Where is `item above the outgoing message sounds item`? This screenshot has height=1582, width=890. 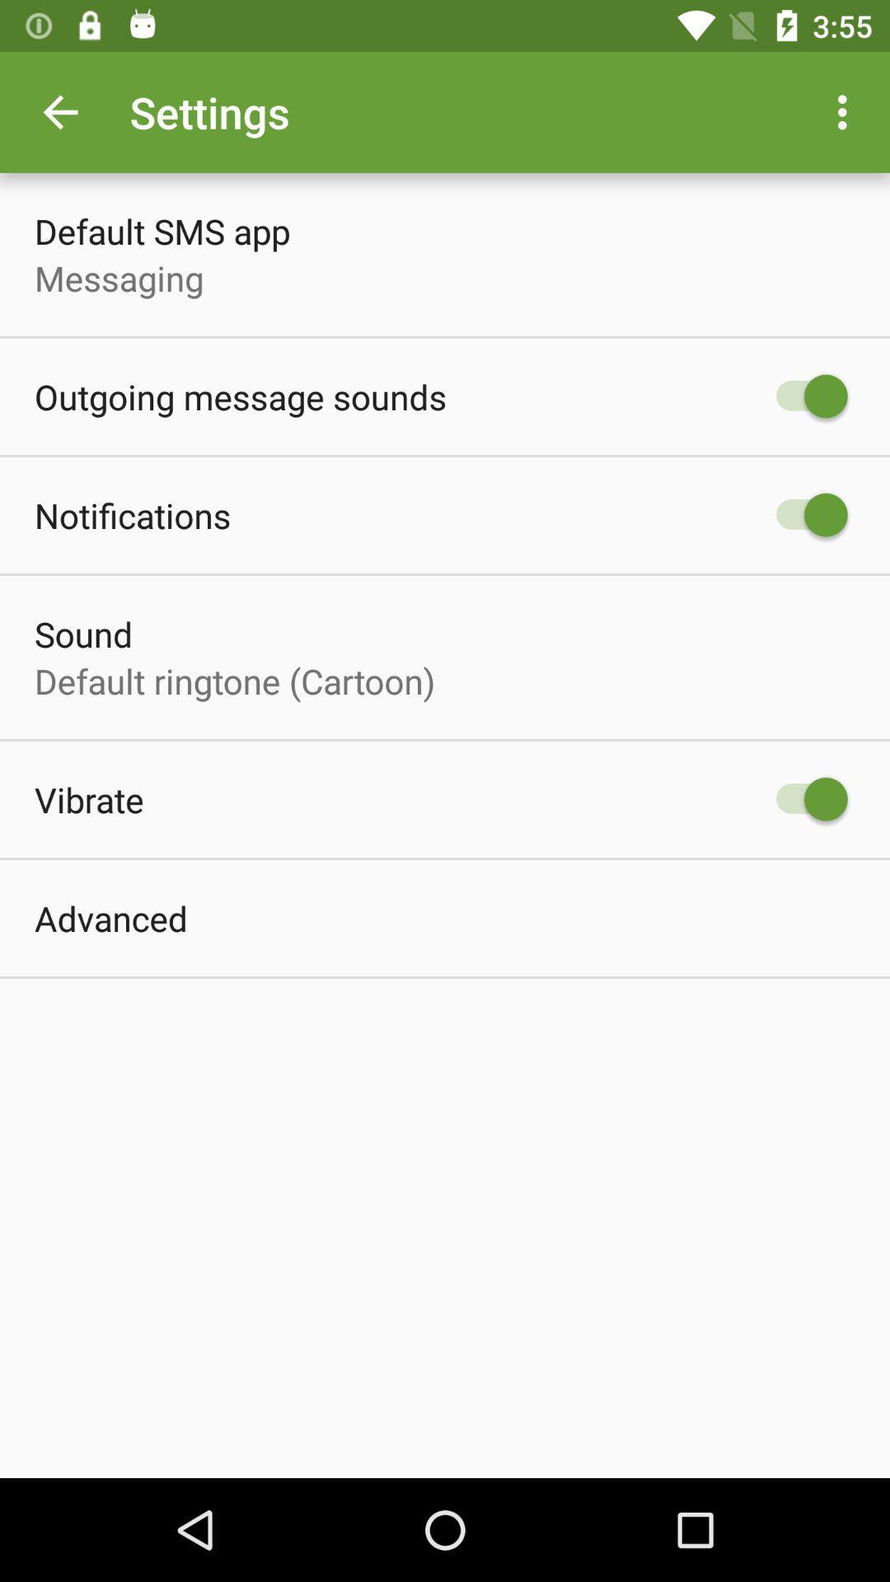 item above the outgoing message sounds item is located at coordinates (118, 278).